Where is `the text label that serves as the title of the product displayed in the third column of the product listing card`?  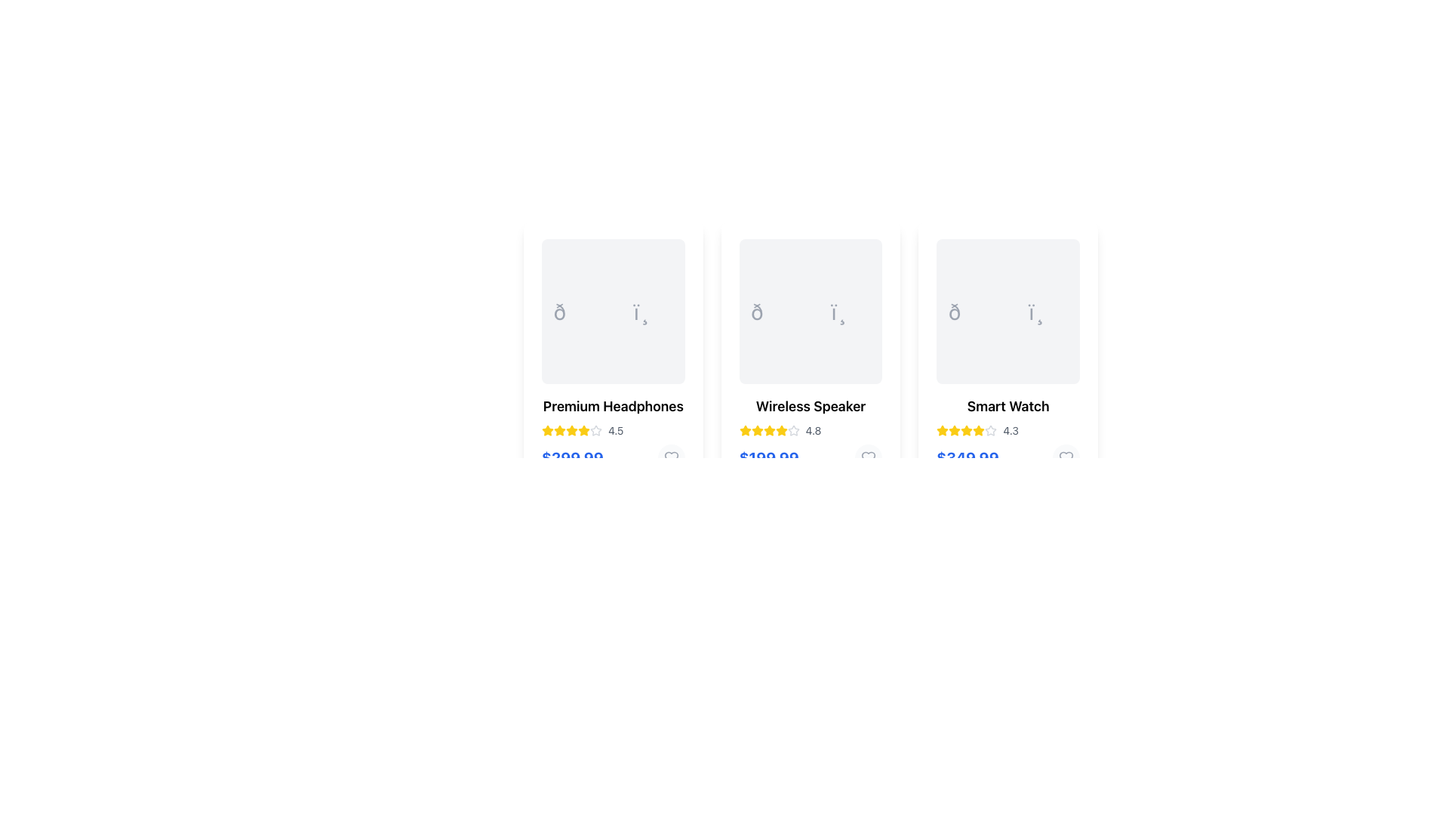 the text label that serves as the title of the product displayed in the third column of the product listing card is located at coordinates (1008, 406).